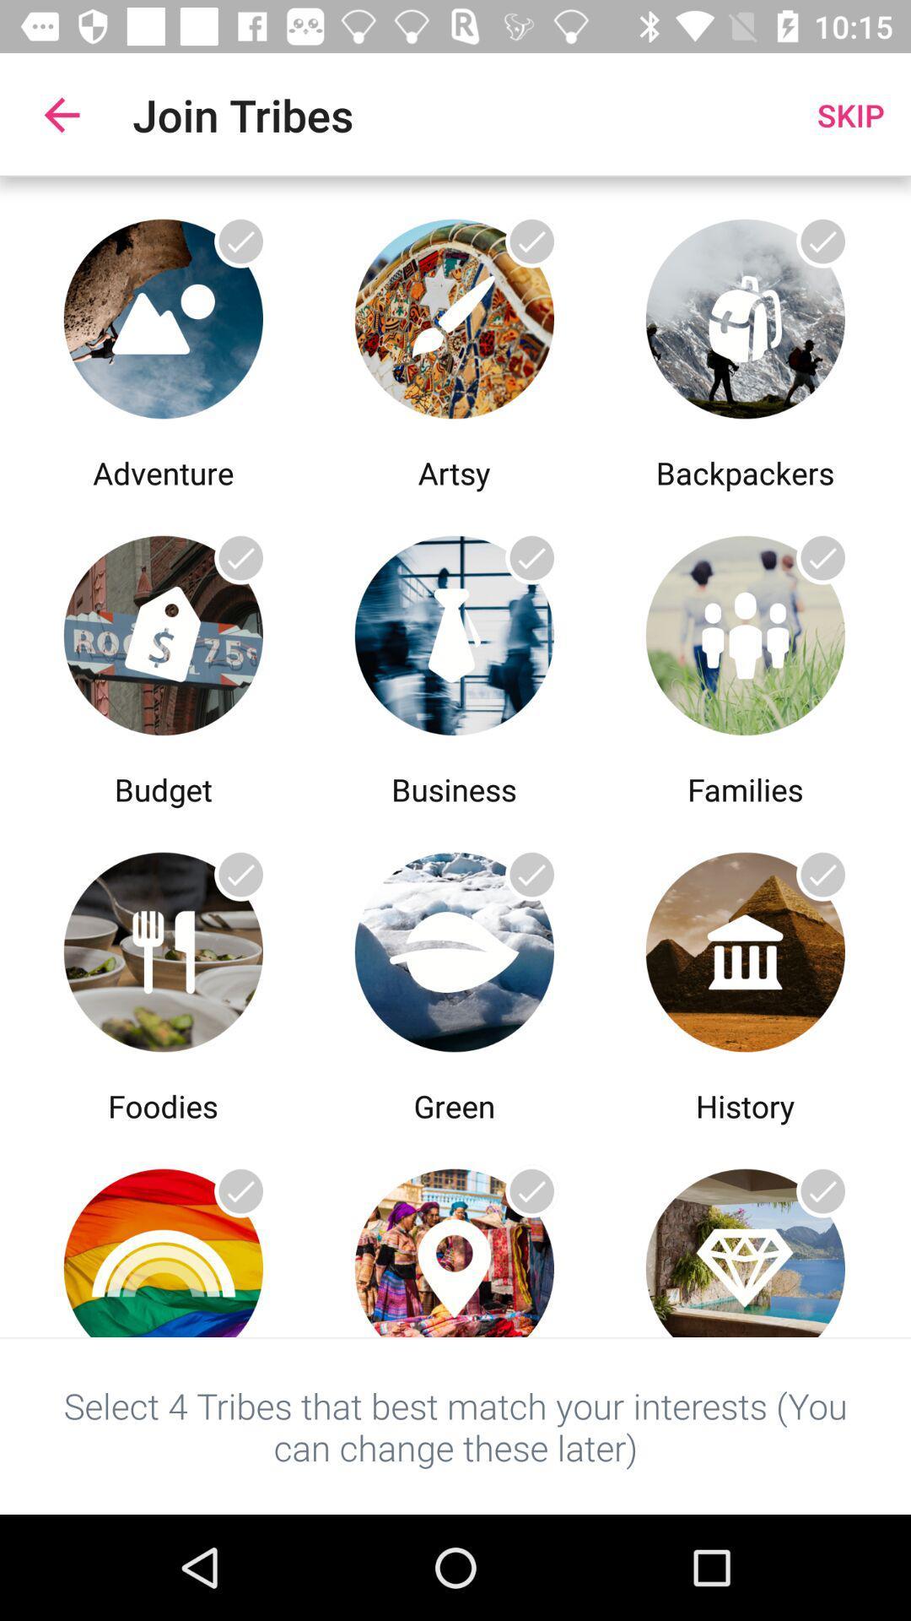 This screenshot has height=1621, width=911. Describe the element at coordinates (453, 314) in the screenshot. I see `join the artsy tribe` at that location.